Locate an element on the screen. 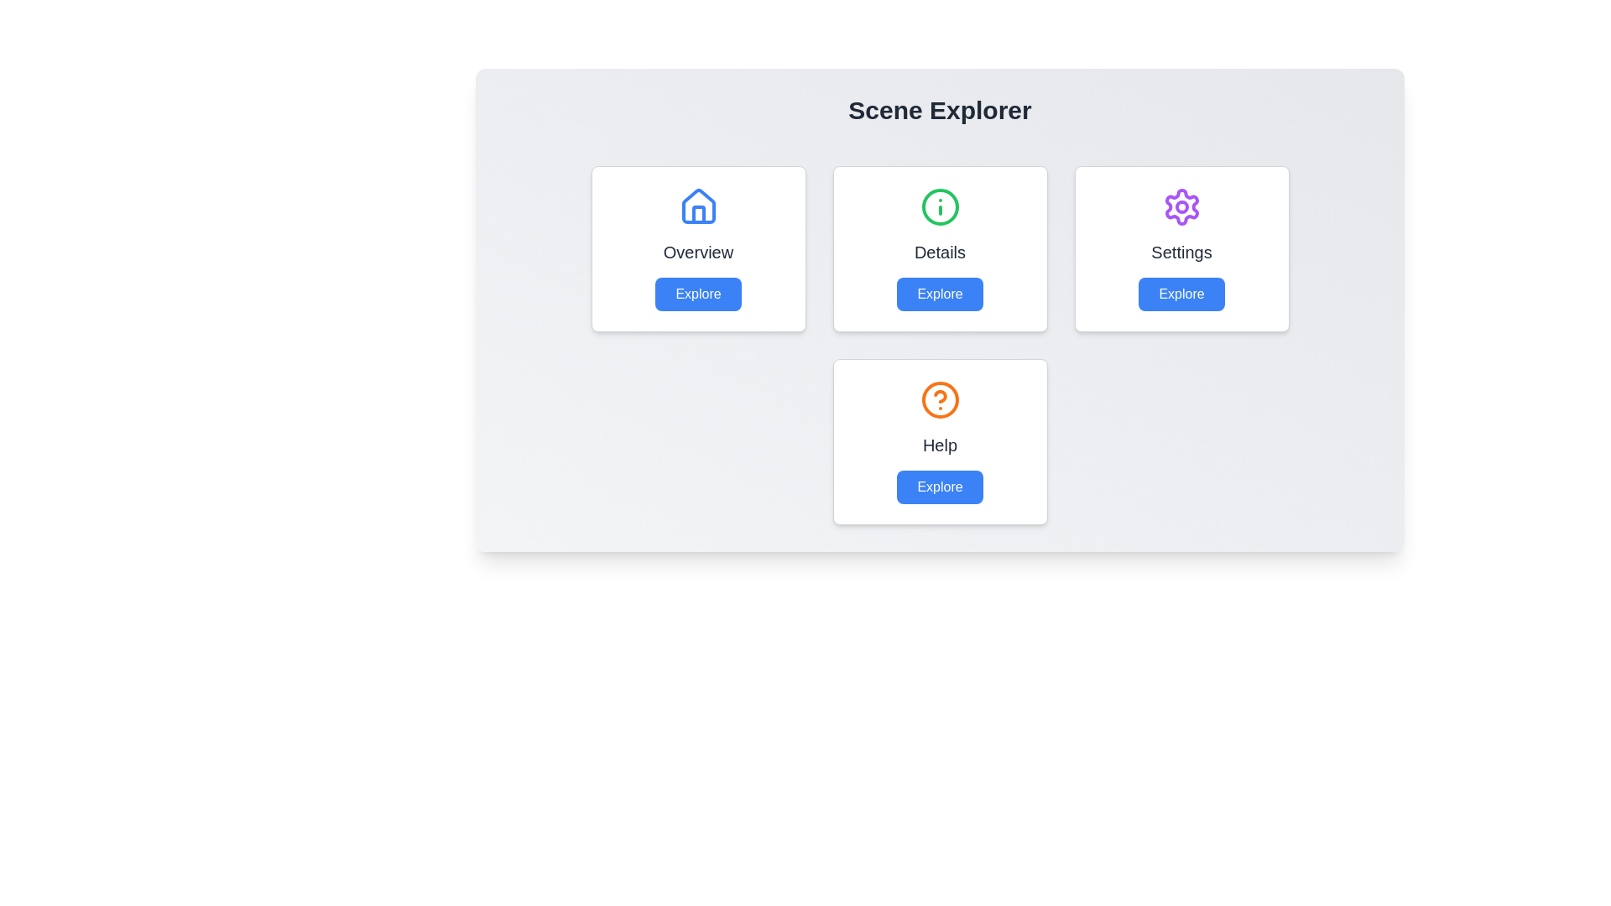  the textual heading 'Scene Explorer' which is prominently displayed in bold, large font at the top-center of the interface is located at coordinates (940, 110).